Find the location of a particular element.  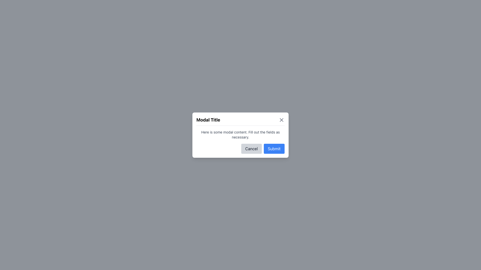

the close icon located at the top right corner of the modal window's title bar is located at coordinates (281, 120).